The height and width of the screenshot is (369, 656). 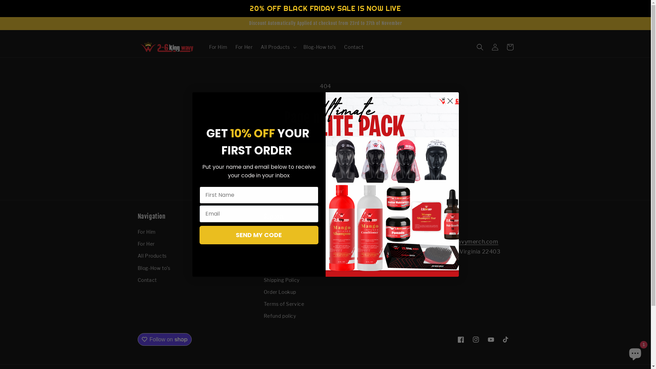 What do you see at coordinates (498, 340) in the screenshot?
I see `'TikTok'` at bounding box center [498, 340].